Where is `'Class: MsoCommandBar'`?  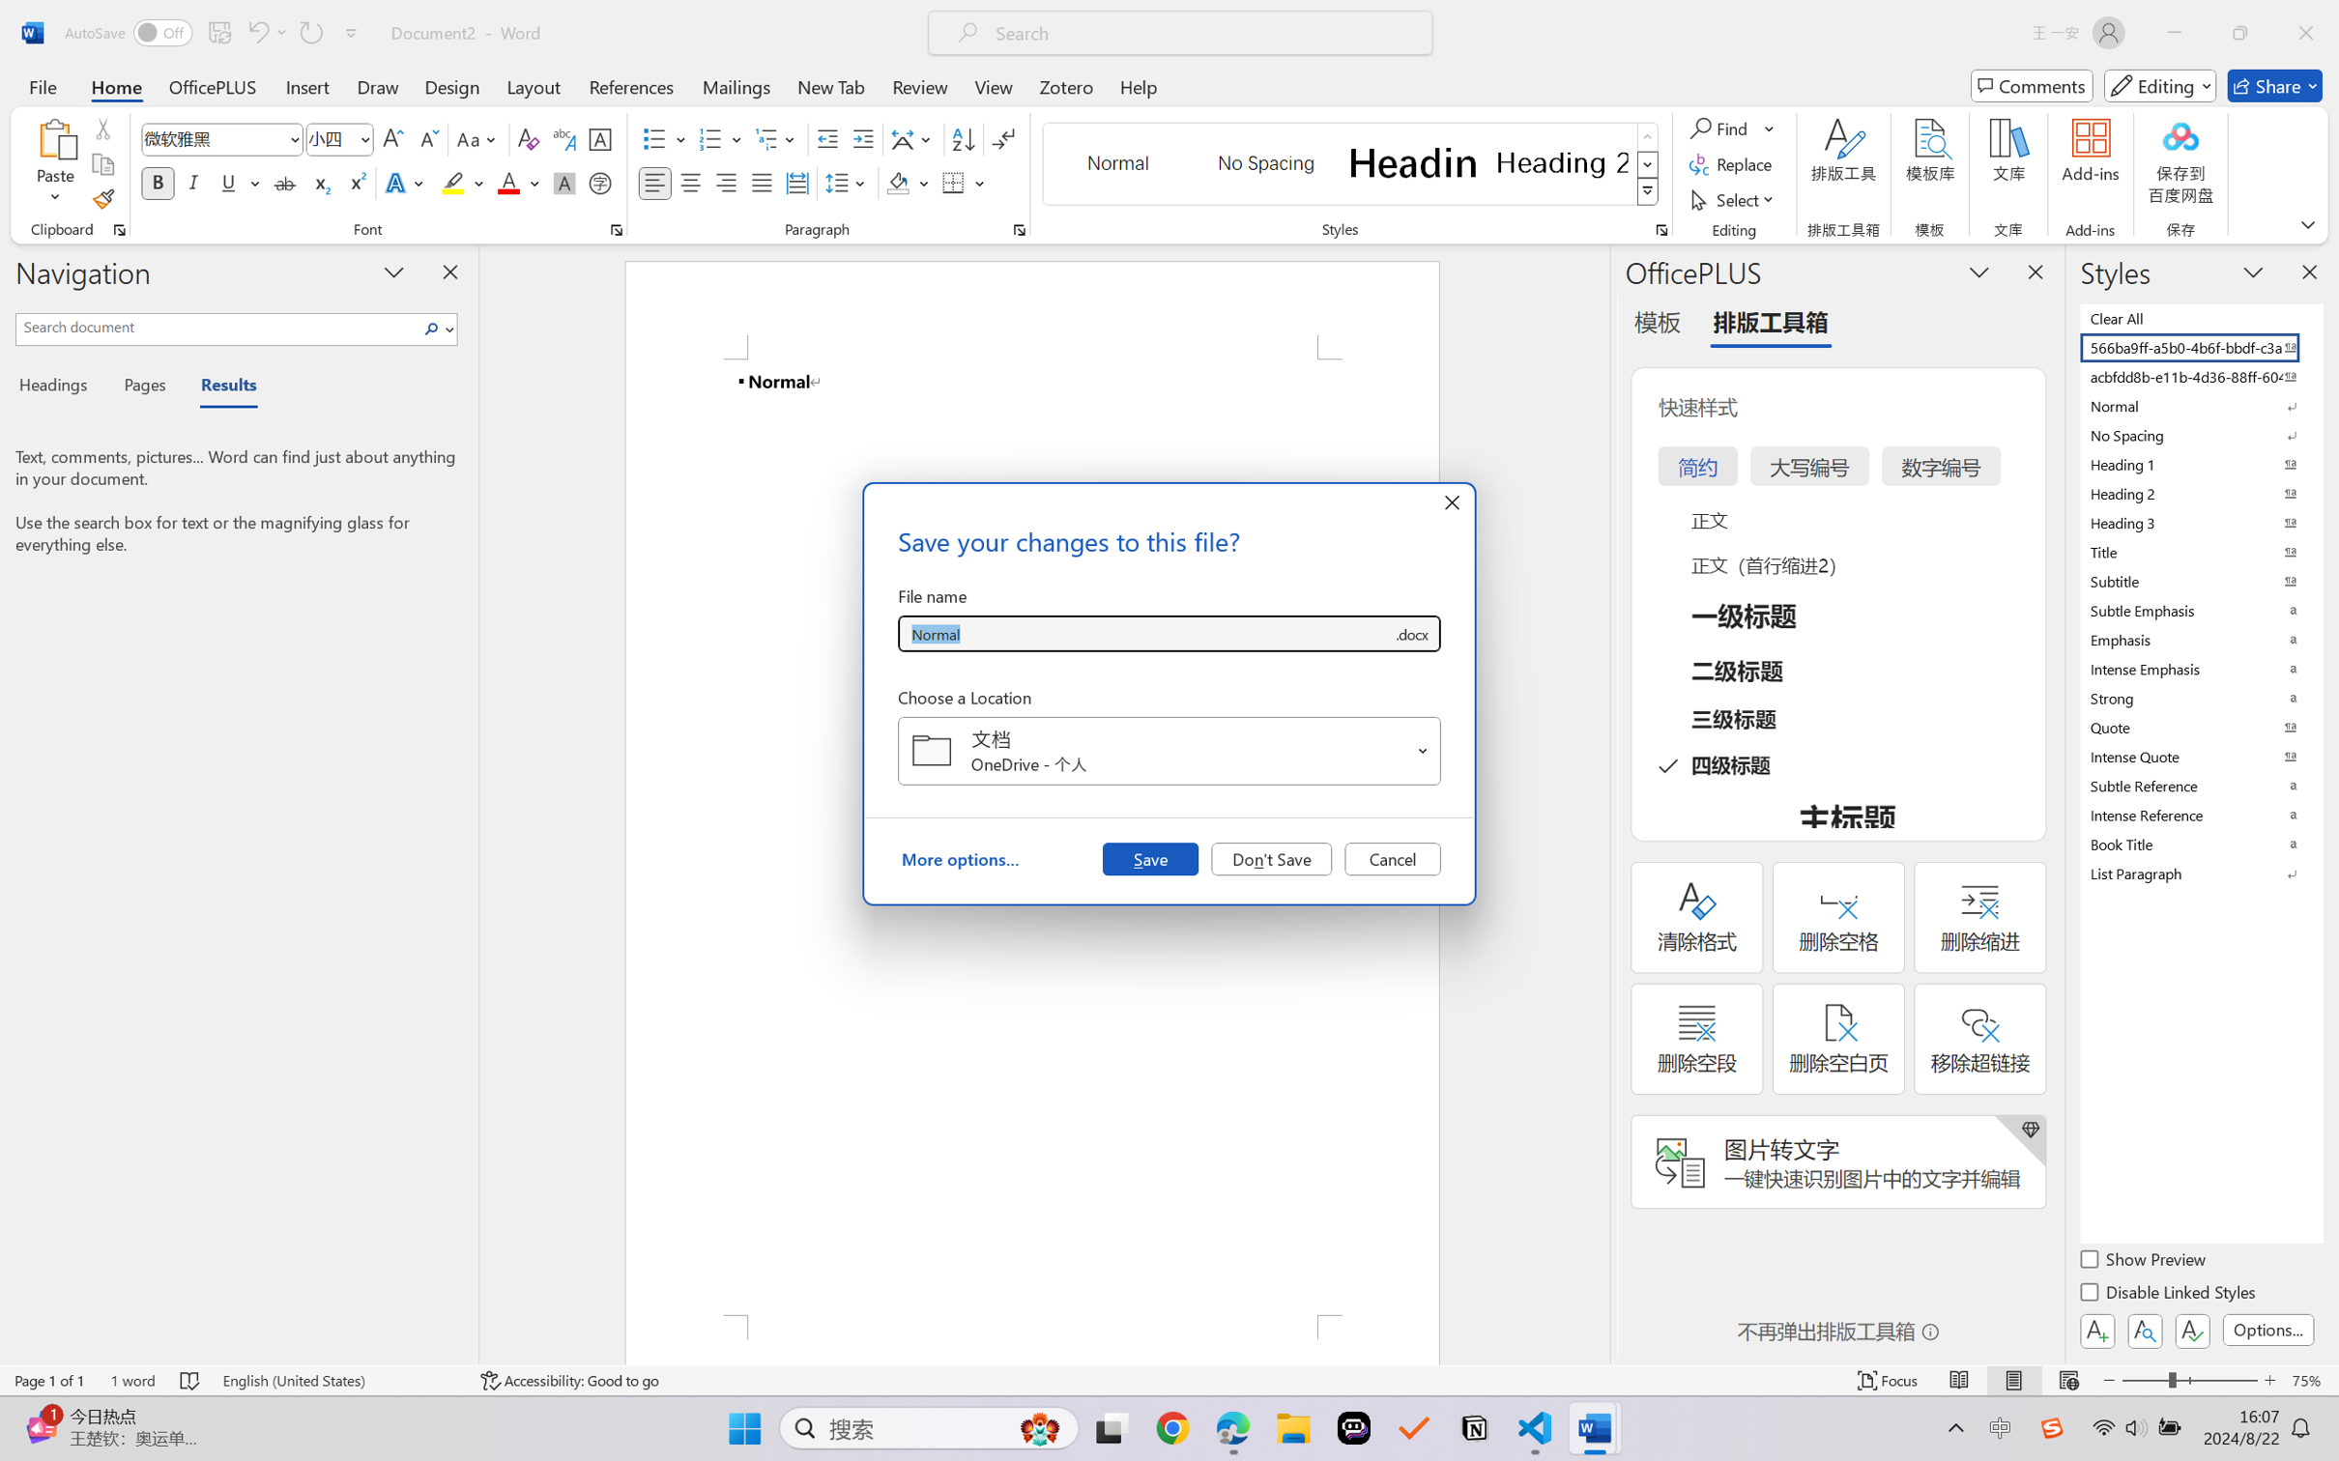
'Class: MsoCommandBar' is located at coordinates (1169, 1380).